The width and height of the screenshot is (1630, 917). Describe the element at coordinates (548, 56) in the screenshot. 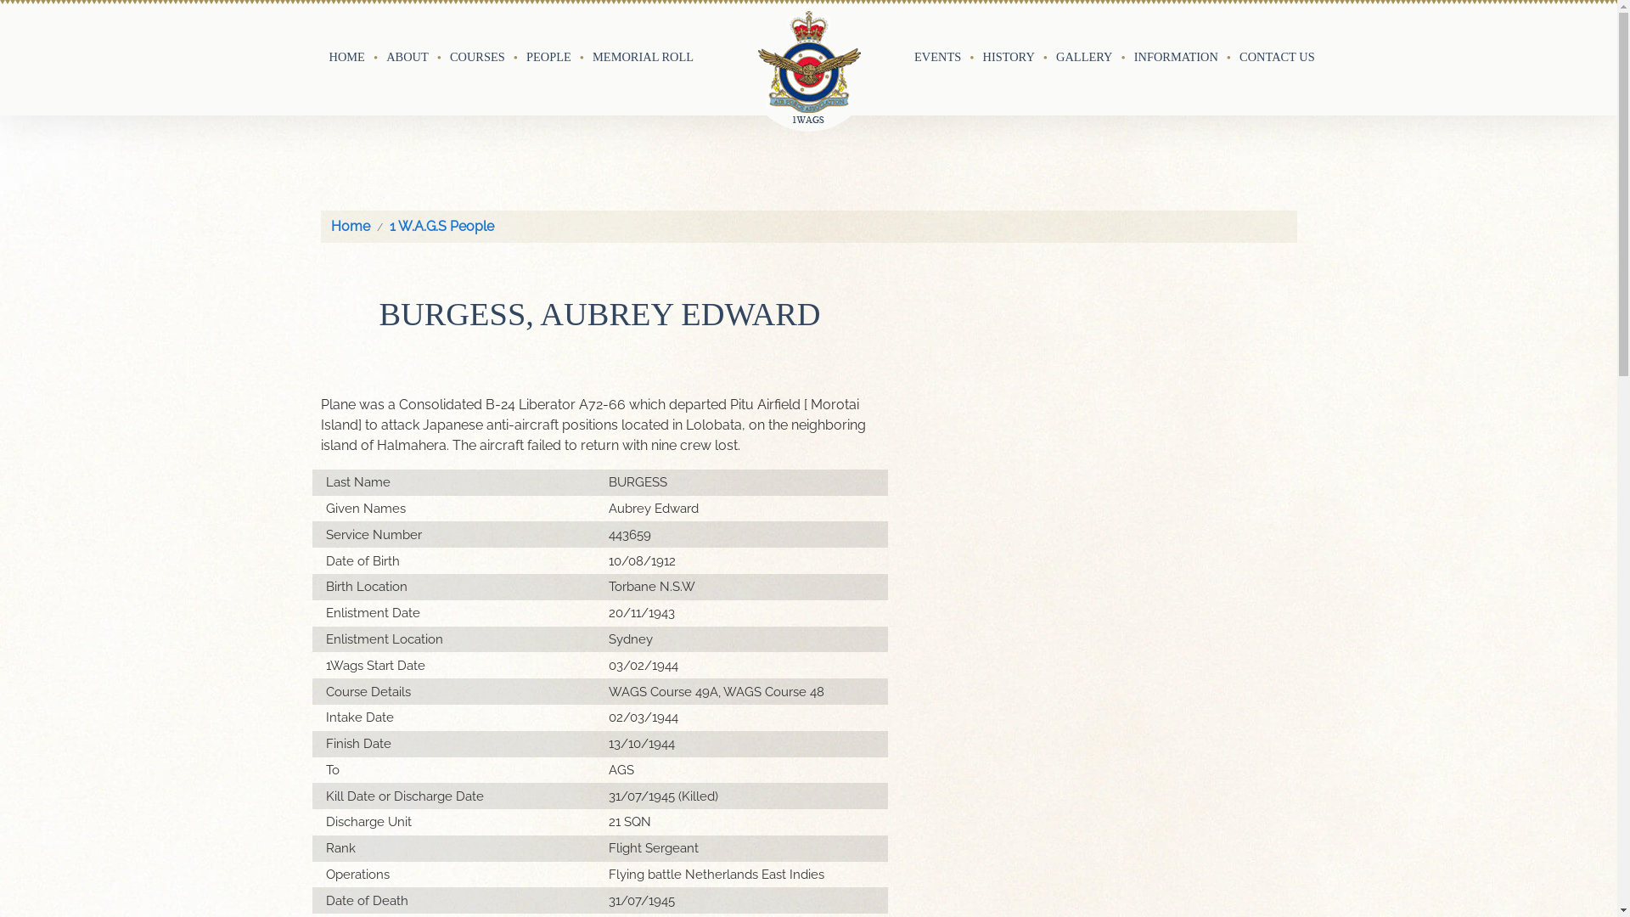

I see `'PEOPLE'` at that location.